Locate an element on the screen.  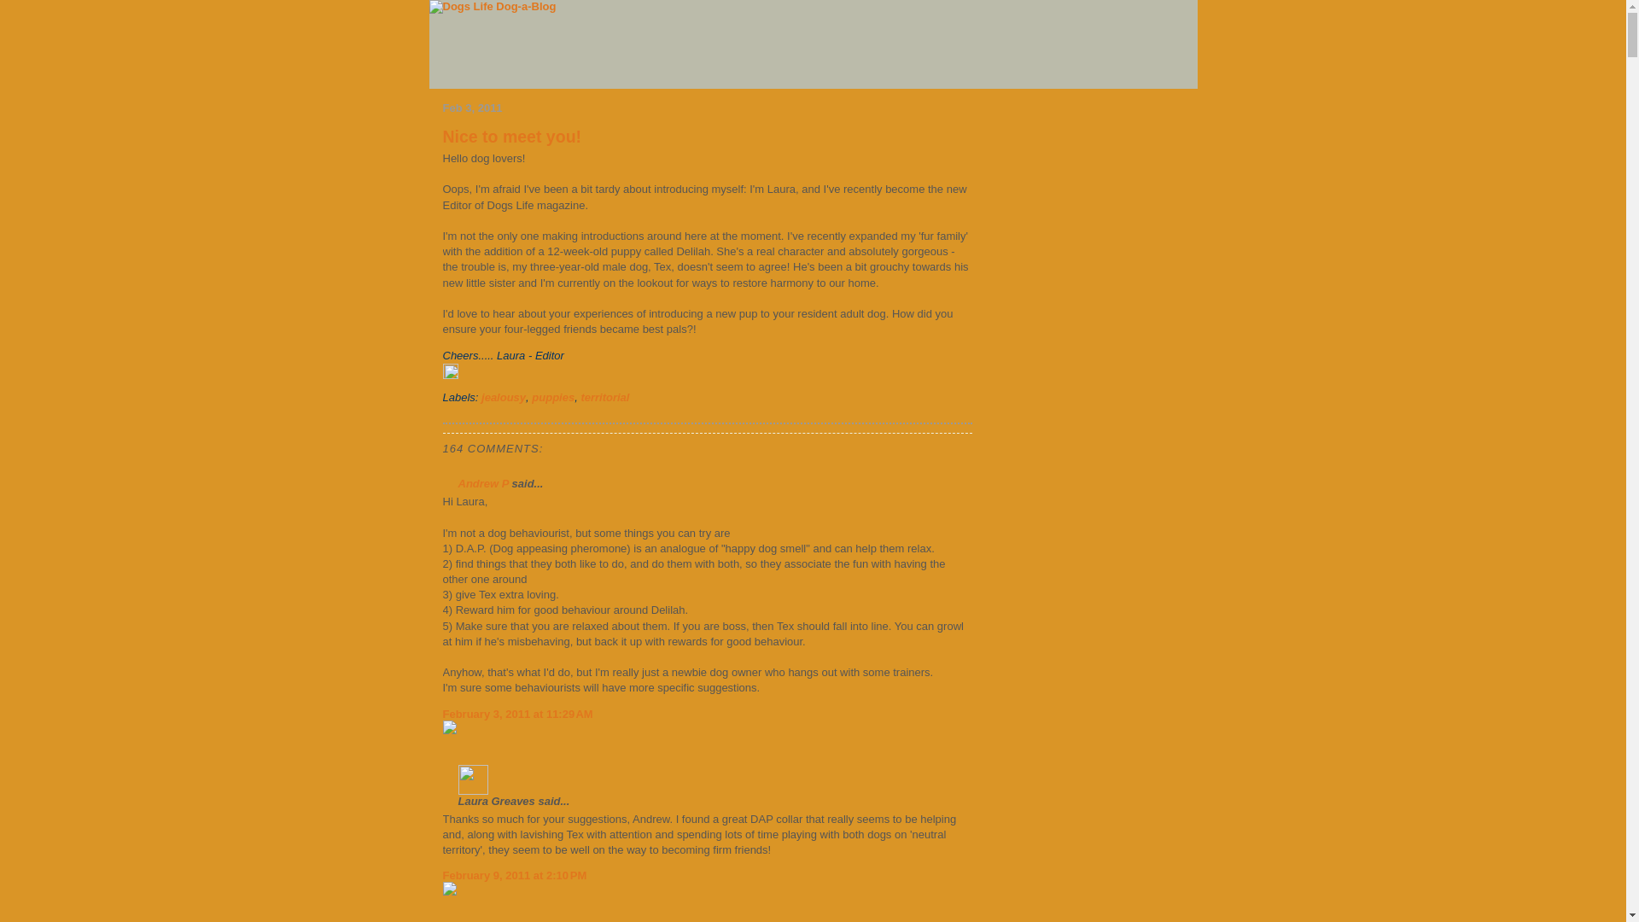
'Delete Comment' is located at coordinates (706, 732).